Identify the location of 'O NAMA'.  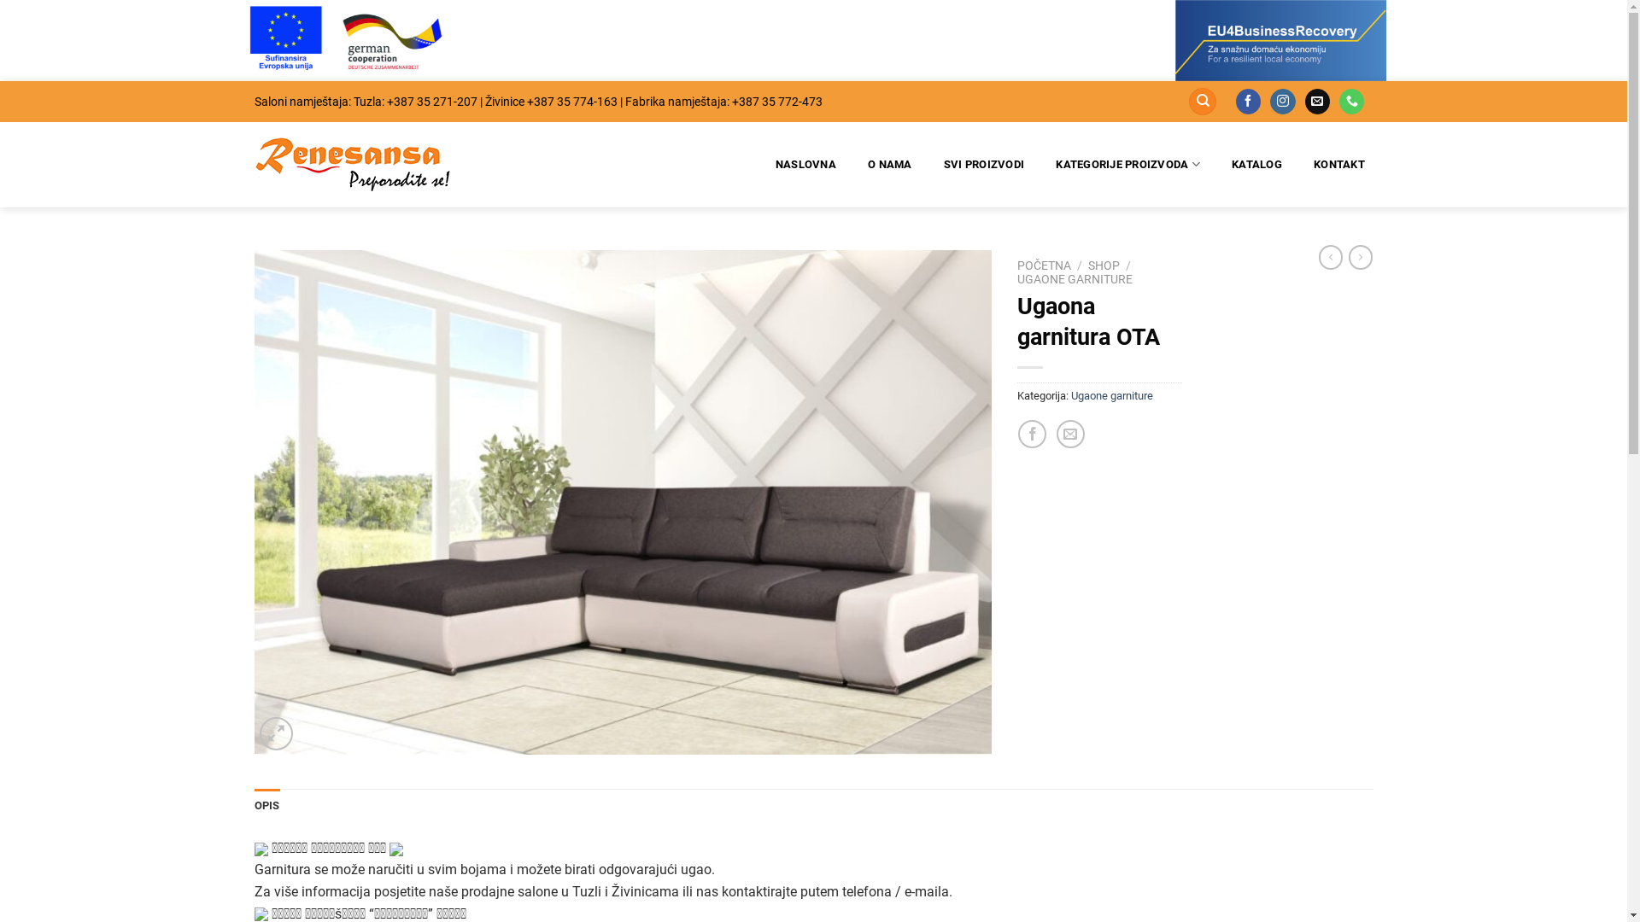
(889, 164).